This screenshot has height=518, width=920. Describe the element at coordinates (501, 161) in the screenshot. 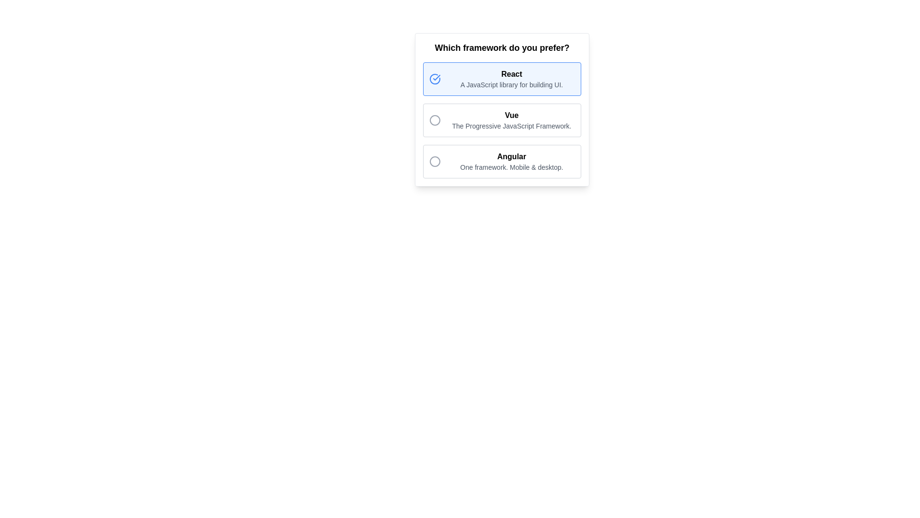

I see `the 'Angular' radio button option, which is the third selectable item under the heading 'Which framework do you prefer?'` at that location.